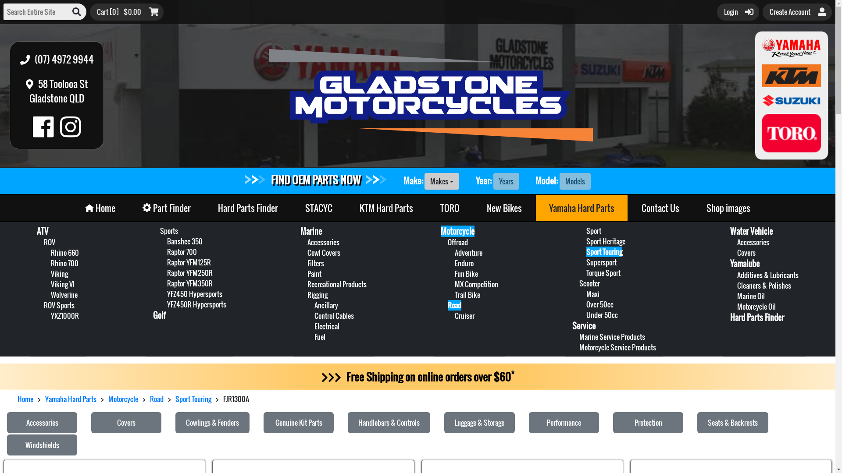 The height and width of the screenshot is (473, 842). What do you see at coordinates (57, 91) in the screenshot?
I see `'58 Toolooa St` at bounding box center [57, 91].